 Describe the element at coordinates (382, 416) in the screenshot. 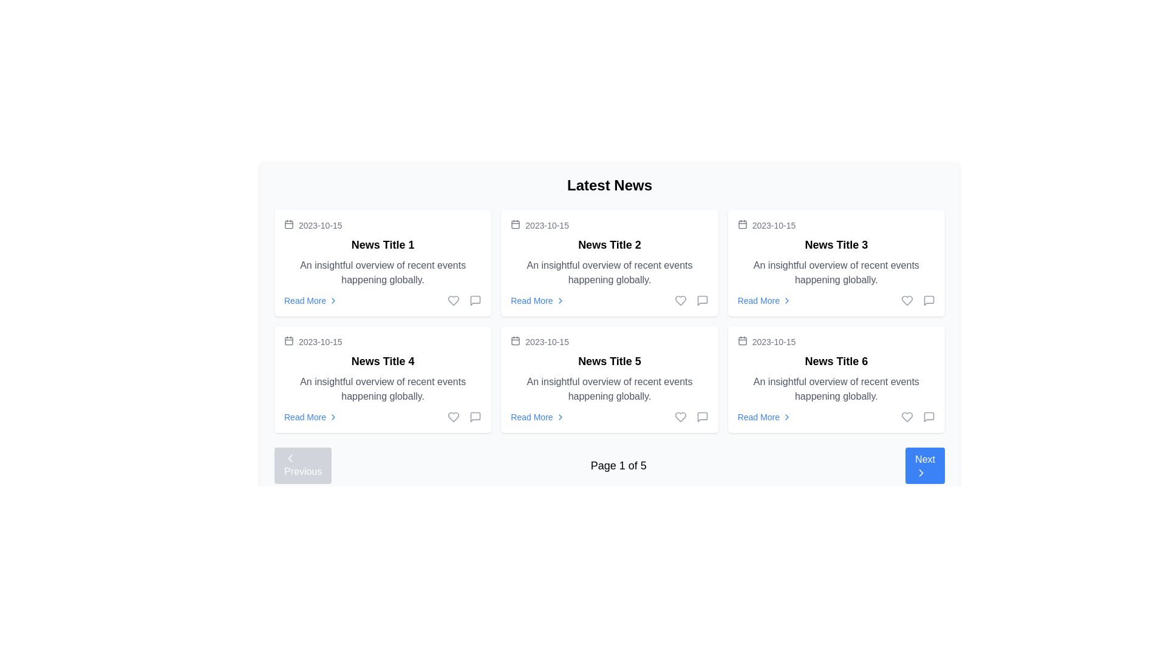

I see `the 'Read More' link at the bottom of the news card for 'News Title 4'` at that location.